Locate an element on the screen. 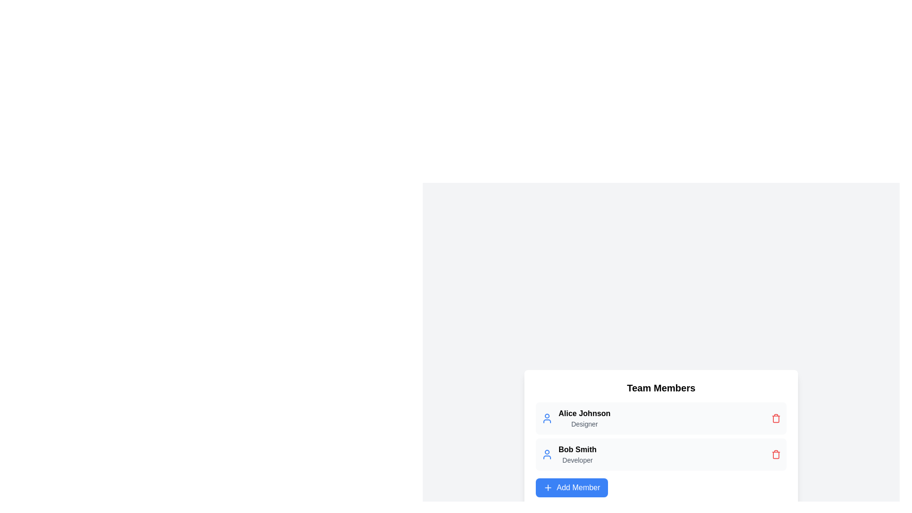 The image size is (912, 513). text content of the label group displaying the name and role of the second team member in the list, located directly below 'Alice Johnson, Designer' is located at coordinates (577, 454).